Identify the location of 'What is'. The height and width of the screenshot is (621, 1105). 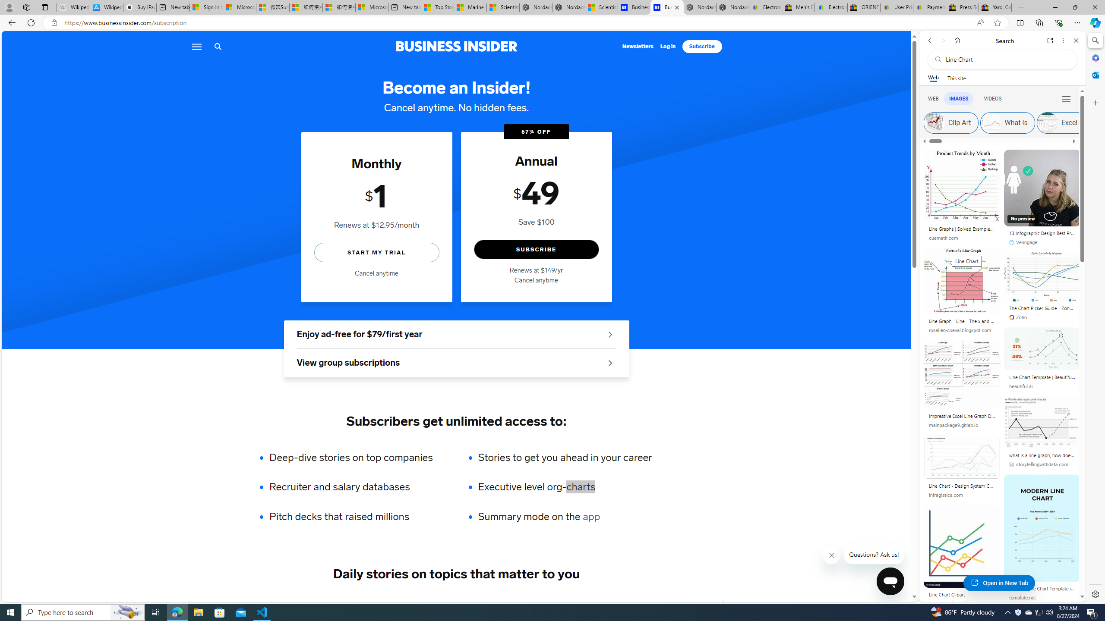
(1007, 122).